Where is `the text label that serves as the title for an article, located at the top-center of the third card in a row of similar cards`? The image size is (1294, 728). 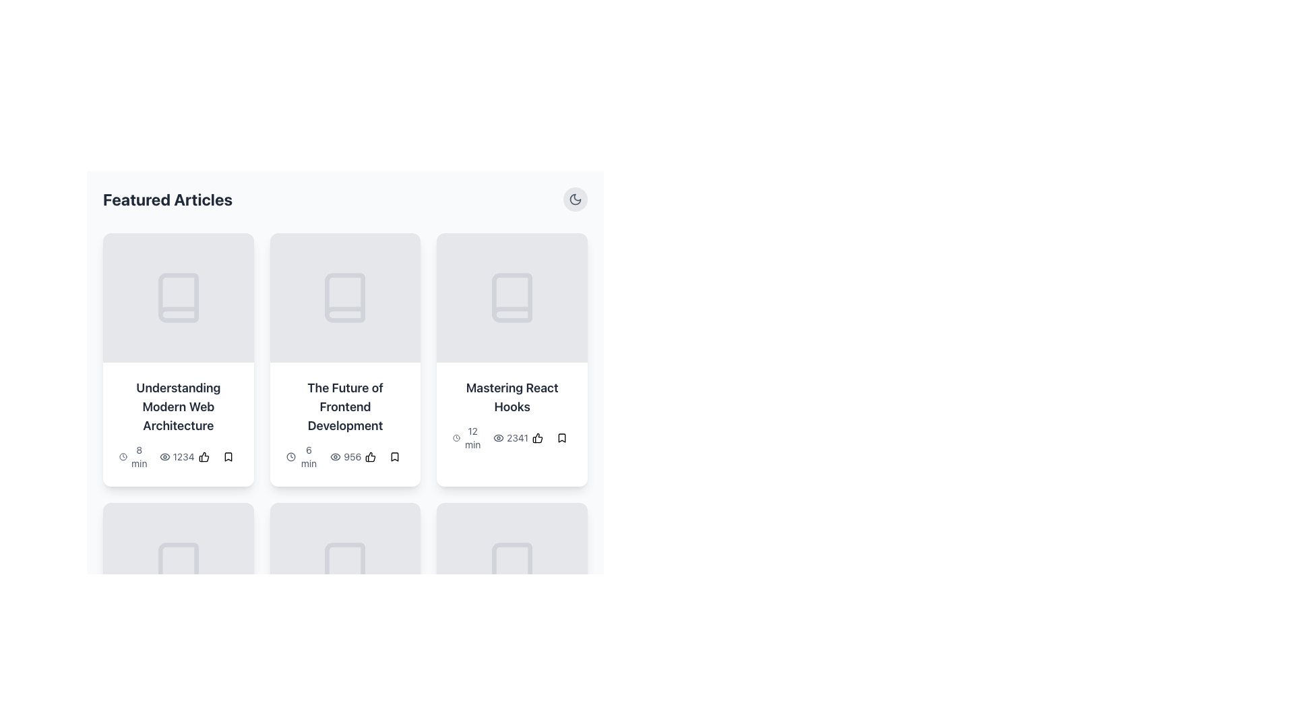 the text label that serves as the title for an article, located at the top-center of the third card in a row of similar cards is located at coordinates (512, 397).